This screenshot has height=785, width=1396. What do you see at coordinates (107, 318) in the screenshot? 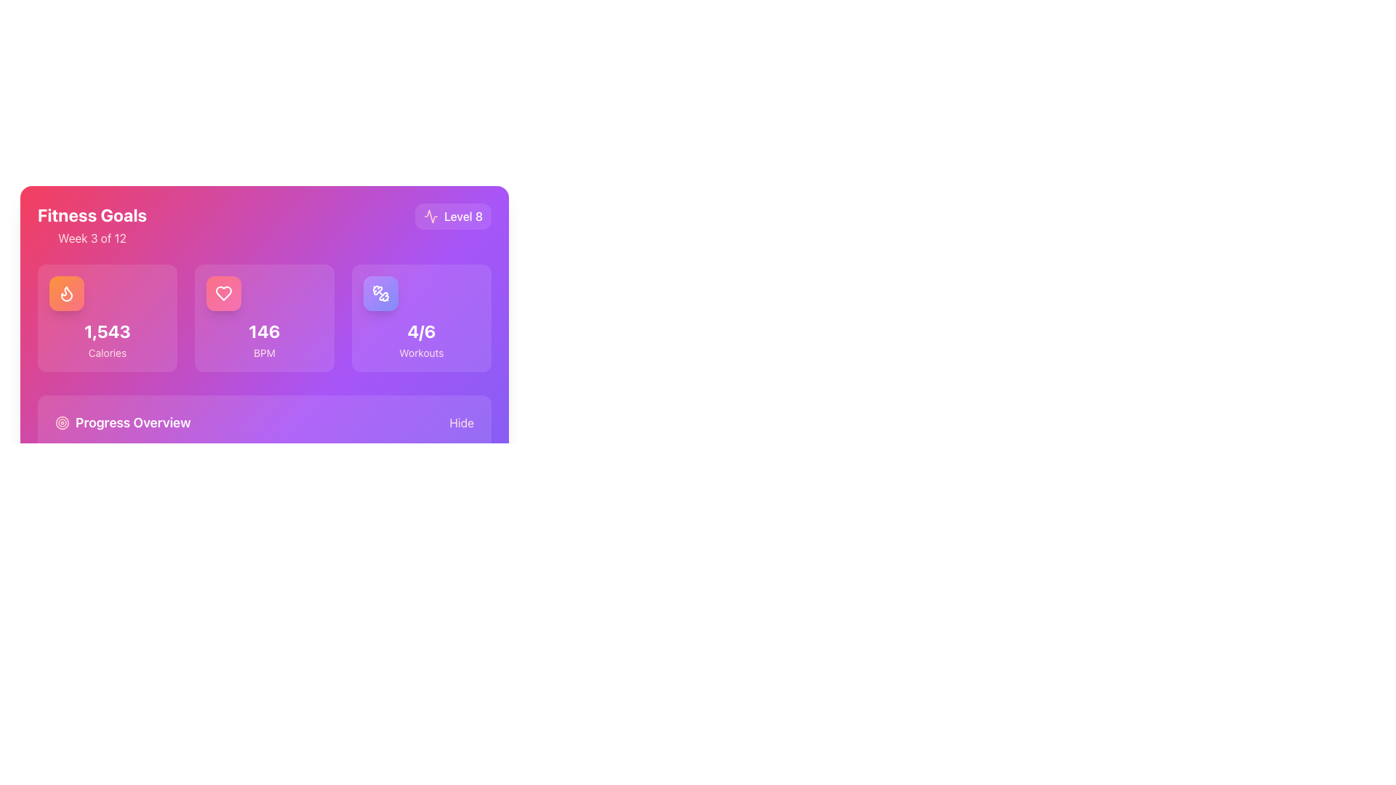
I see `the first card in the row with a flame icon and the label 'Calories' showing a value of '1,543'` at bounding box center [107, 318].